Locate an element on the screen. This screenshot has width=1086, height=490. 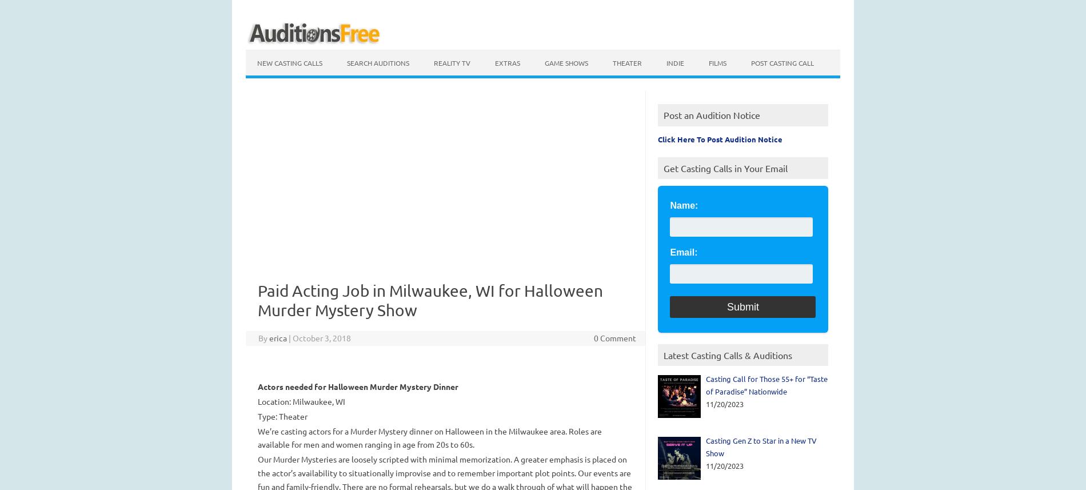
'0 Comment' is located at coordinates (614, 337).